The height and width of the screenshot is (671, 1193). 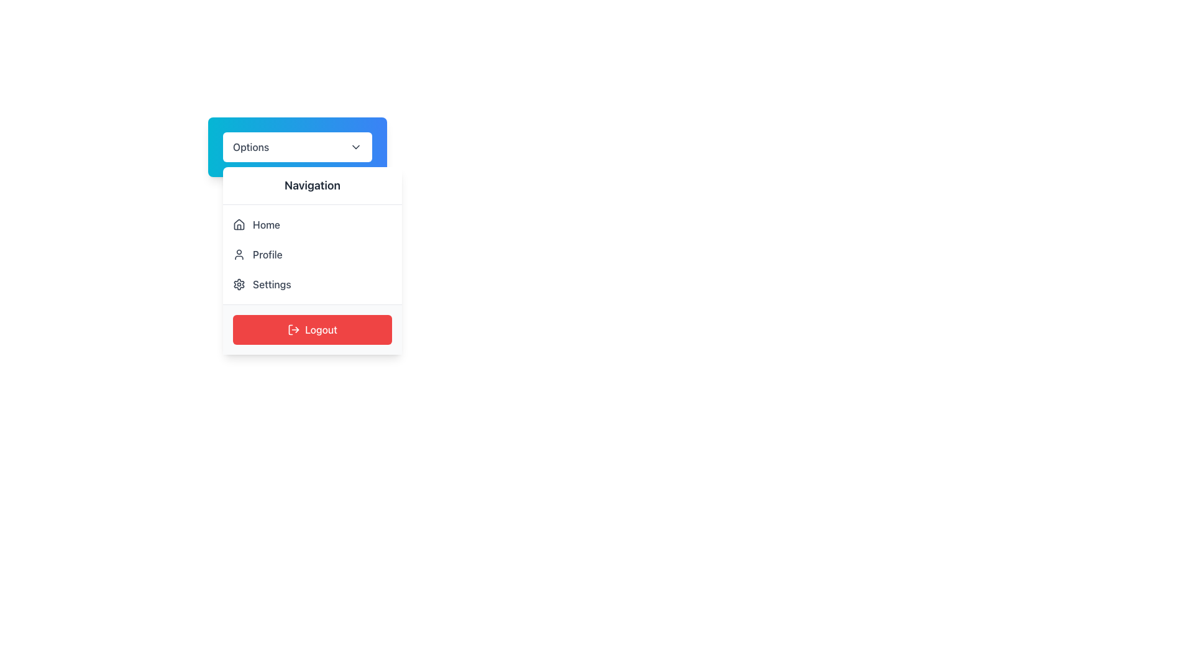 What do you see at coordinates (239, 224) in the screenshot?
I see `the 'Home' icon located within the first entry of the 'Navigation' dropdown menu, which is visually represented as an icon to the left of the text 'Home'` at bounding box center [239, 224].